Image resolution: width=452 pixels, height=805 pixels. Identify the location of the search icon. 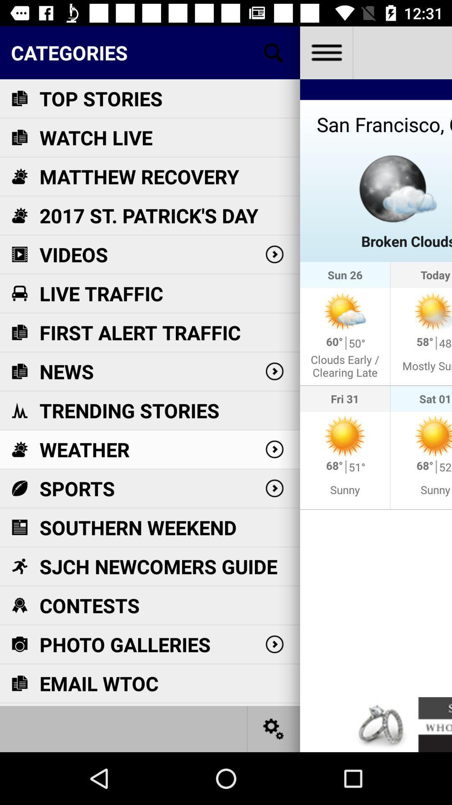
(274, 52).